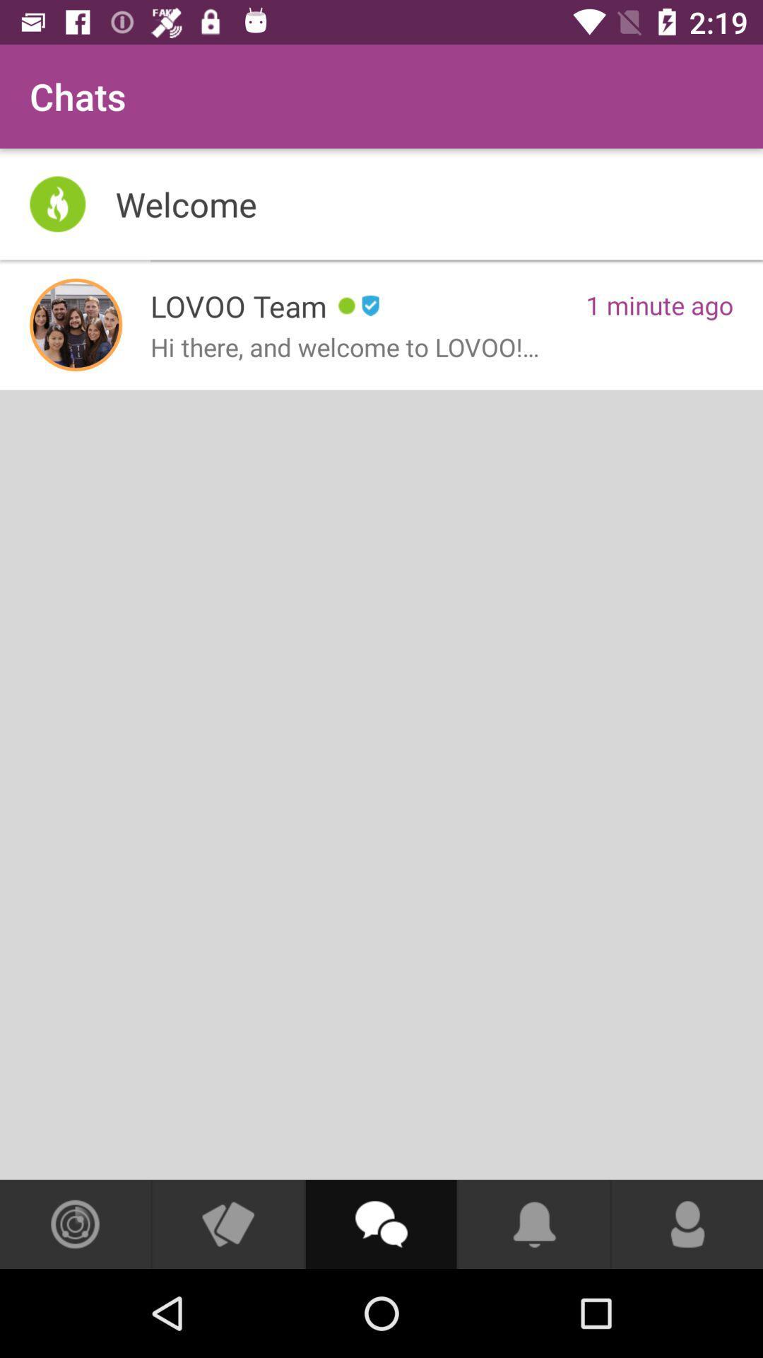 Image resolution: width=763 pixels, height=1358 pixels. What do you see at coordinates (380, 1224) in the screenshot?
I see `send a text message` at bounding box center [380, 1224].